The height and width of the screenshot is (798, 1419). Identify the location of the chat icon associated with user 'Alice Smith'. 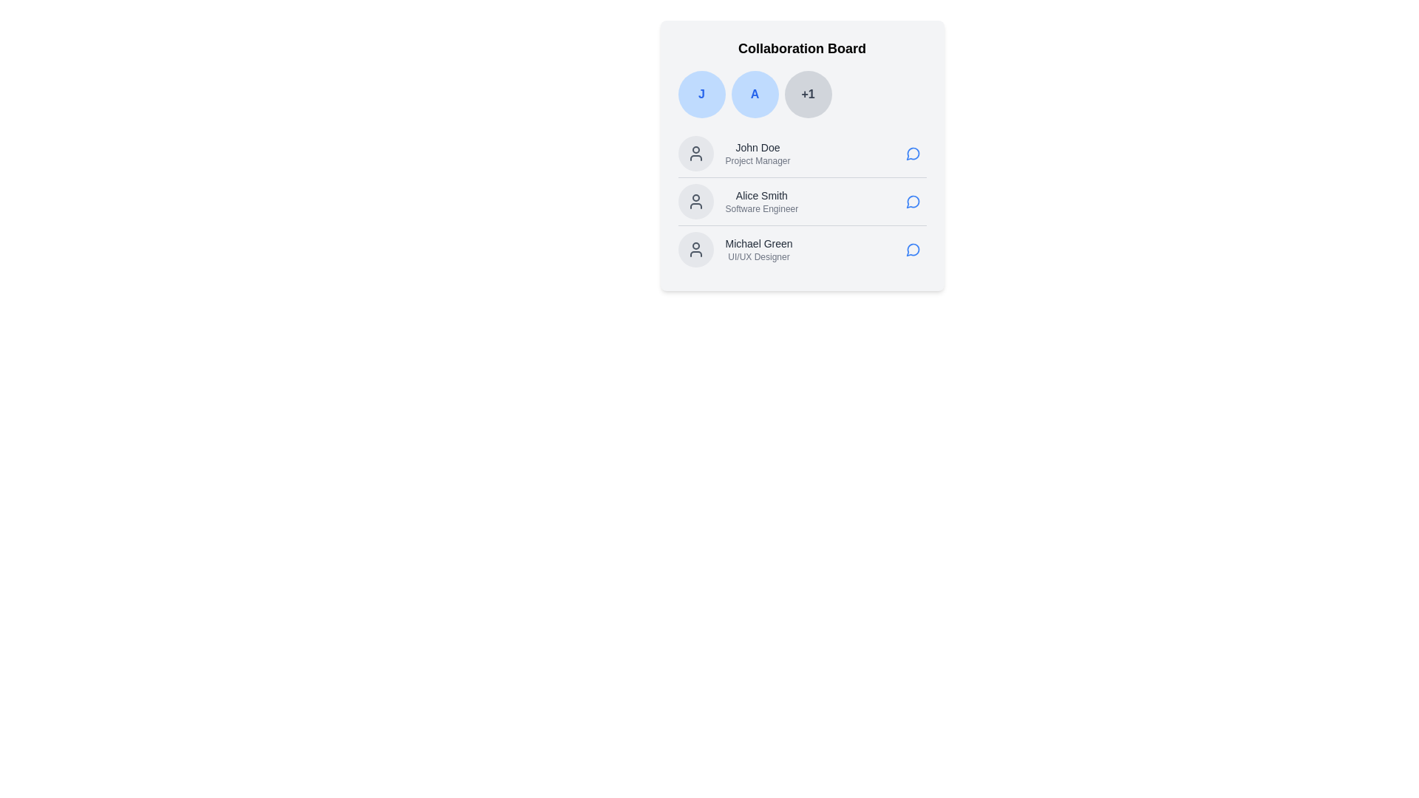
(912, 202).